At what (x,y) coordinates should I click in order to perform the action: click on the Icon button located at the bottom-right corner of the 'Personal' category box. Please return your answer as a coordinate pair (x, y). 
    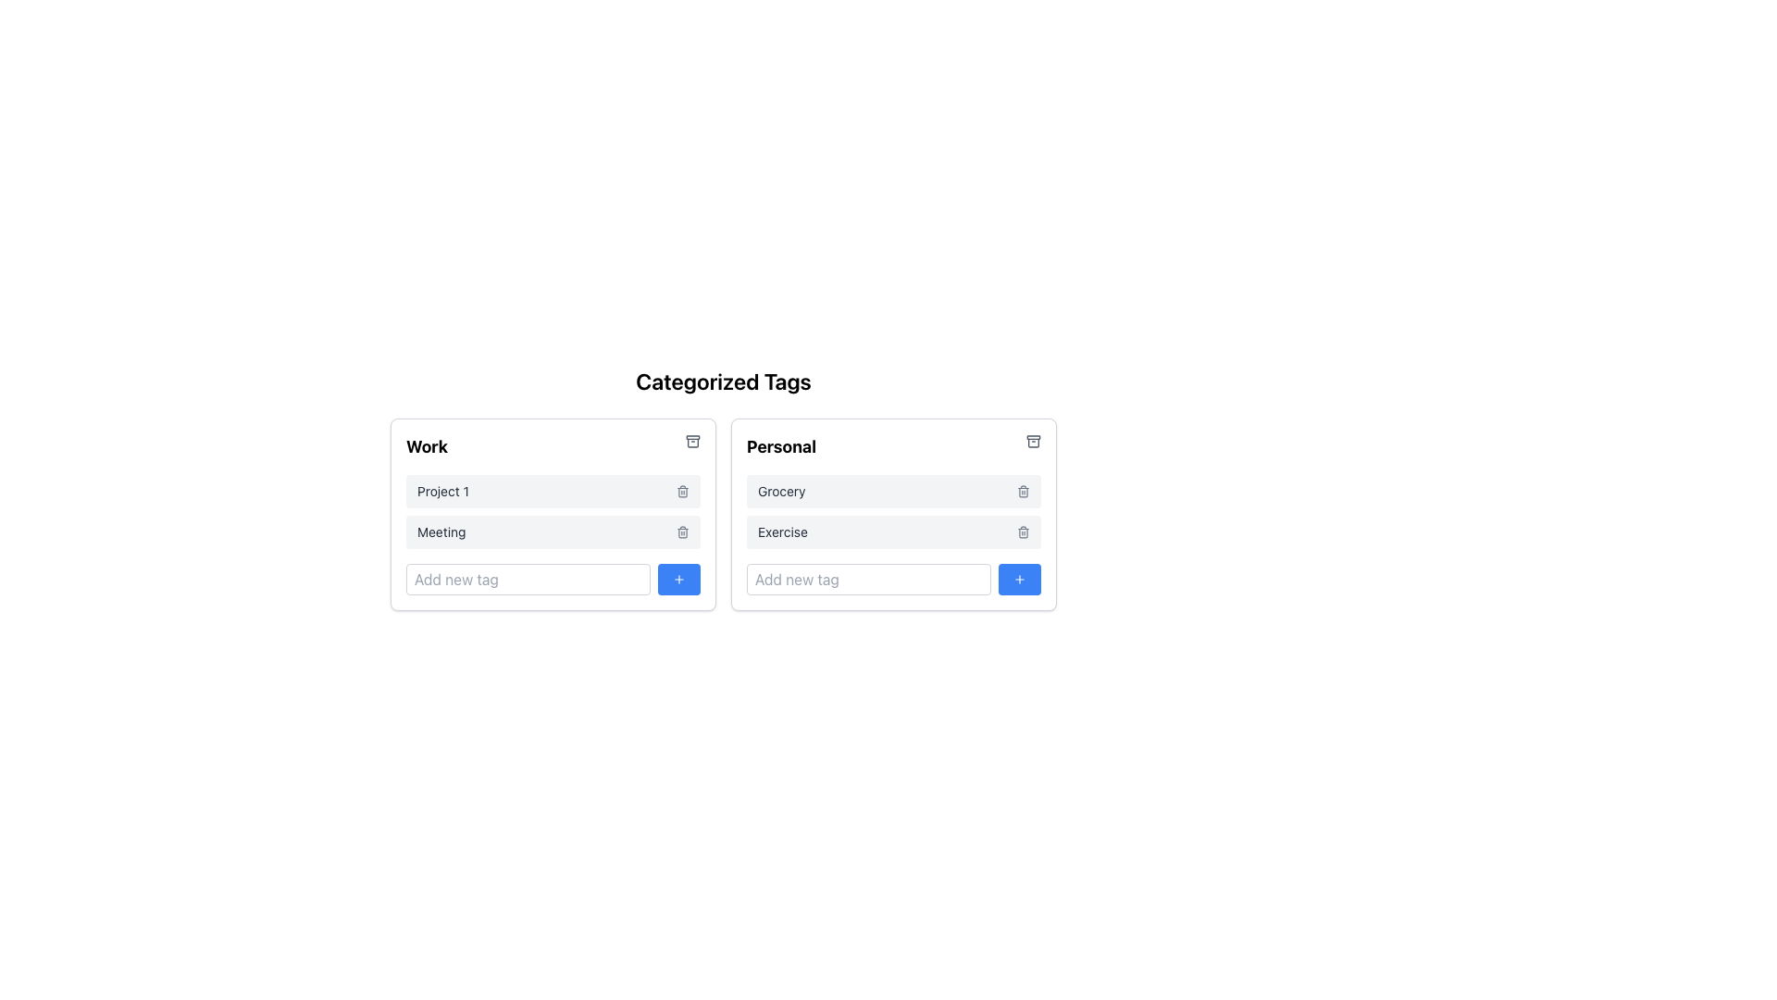
    Looking at the image, I should click on (1019, 578).